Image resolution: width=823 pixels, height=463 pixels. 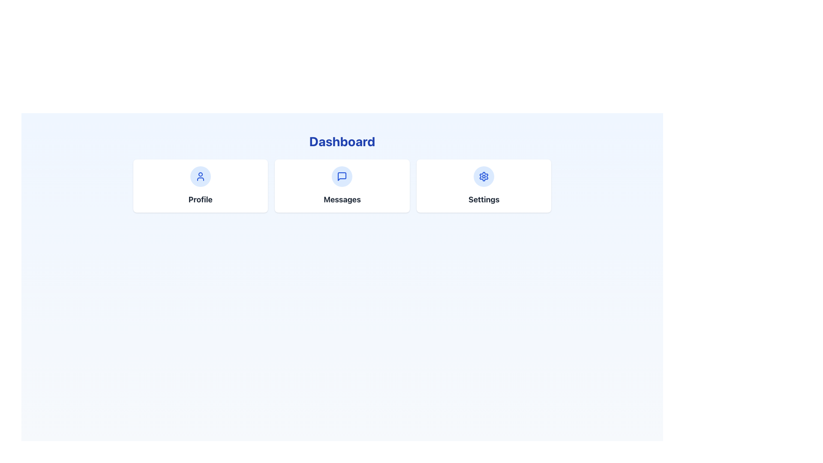 What do you see at coordinates (342, 141) in the screenshot?
I see `the 'Dashboard' text header, which is a bold, large blue text positioned at the top of the interface, above the tiles labeled 'Profile', 'Messages', and 'Settings'` at bounding box center [342, 141].